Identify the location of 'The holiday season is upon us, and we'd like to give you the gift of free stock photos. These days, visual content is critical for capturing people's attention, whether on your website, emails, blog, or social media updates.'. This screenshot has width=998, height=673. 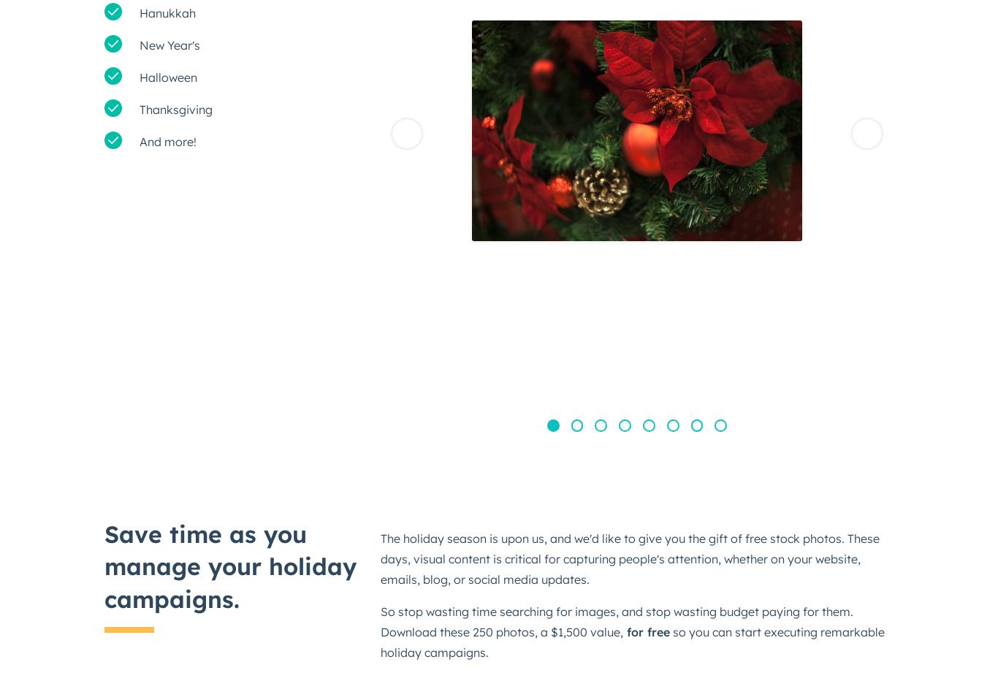
(629, 558).